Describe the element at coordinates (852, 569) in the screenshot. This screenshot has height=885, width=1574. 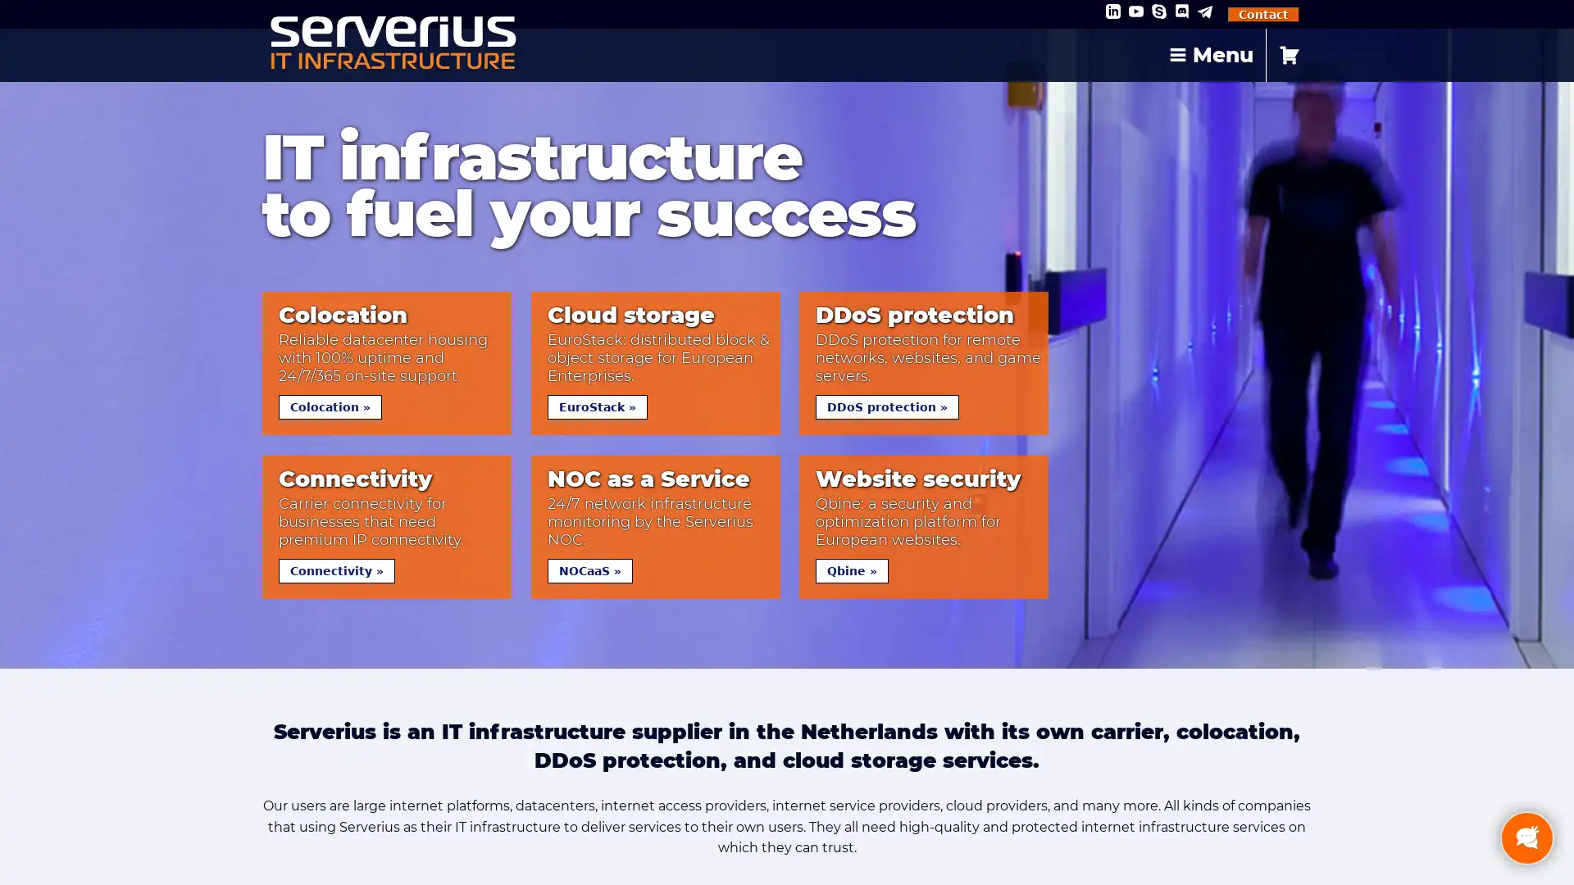
I see `Qbine` at that location.